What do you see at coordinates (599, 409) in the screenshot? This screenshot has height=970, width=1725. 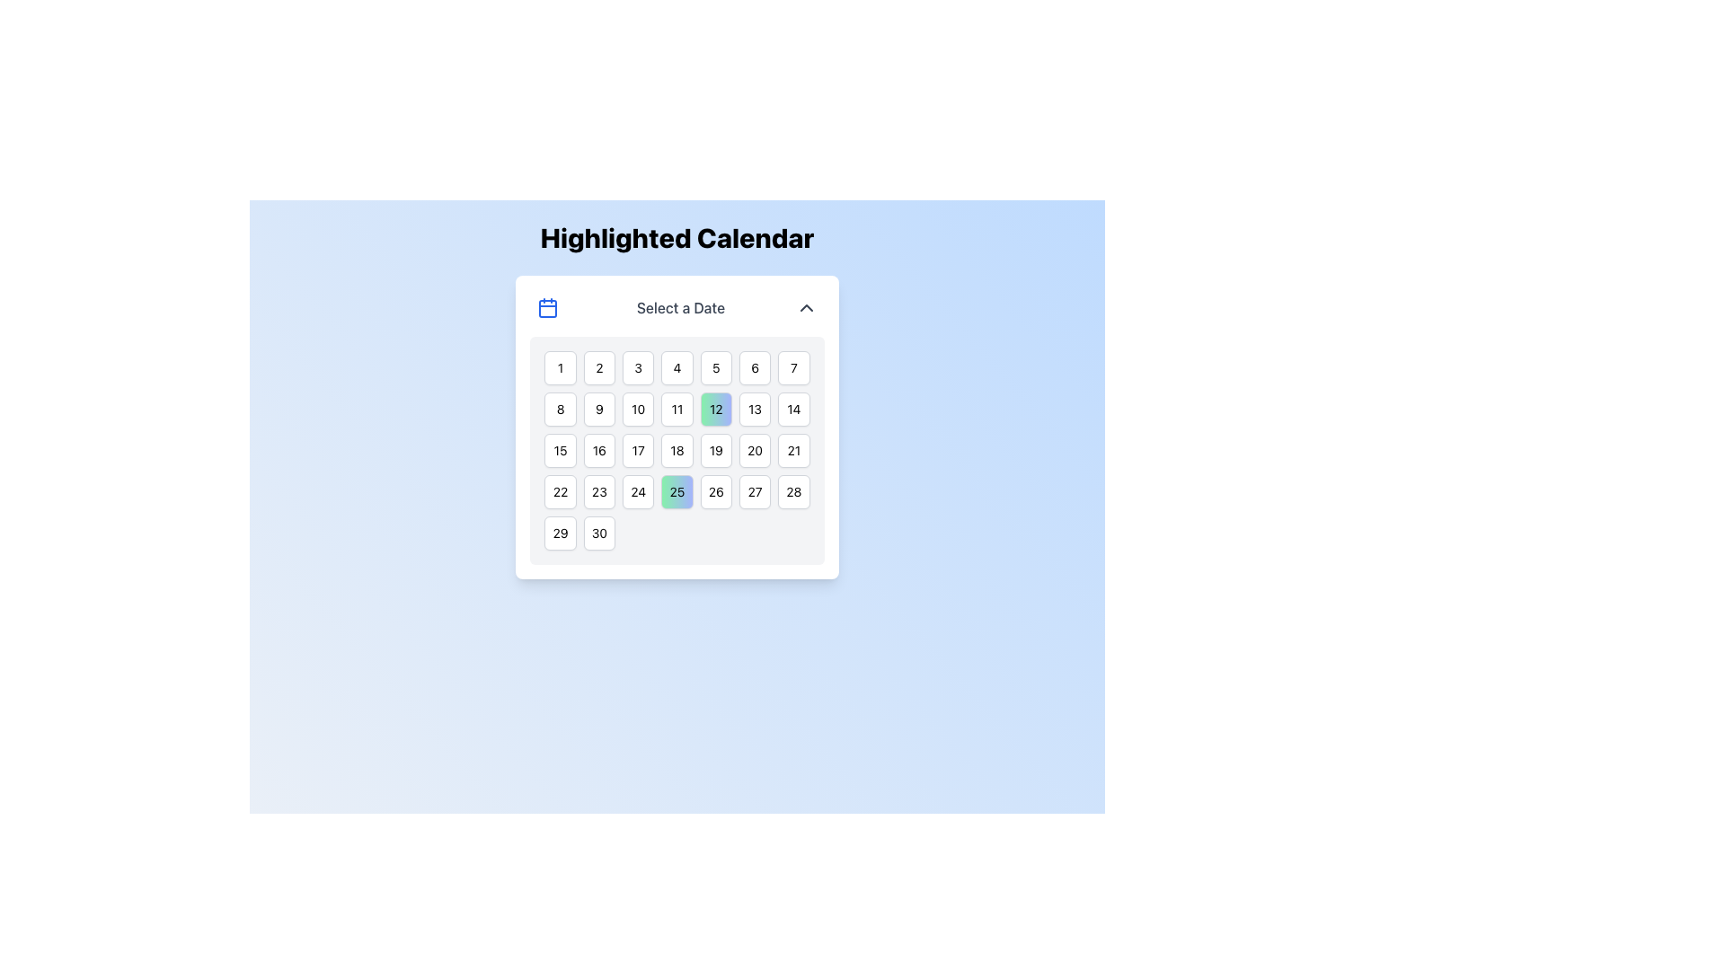 I see `the ninth day button in the calendar interface` at bounding box center [599, 409].